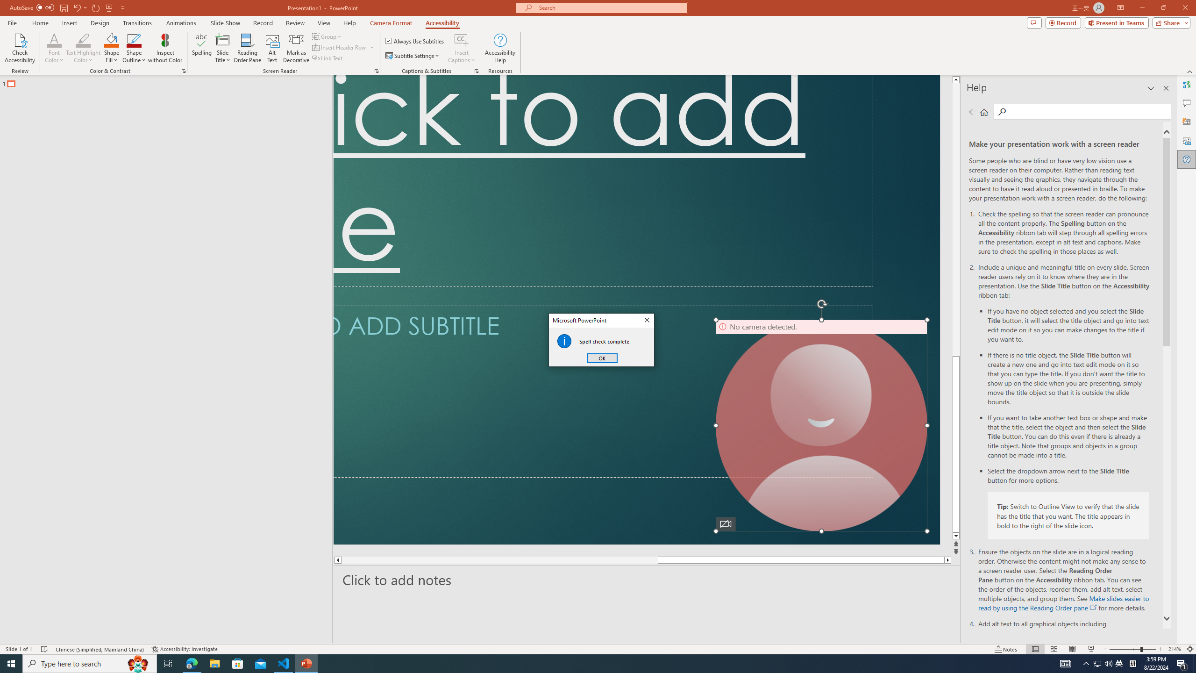 The image size is (1196, 673). Describe the element at coordinates (821, 425) in the screenshot. I see `'Camera 8, No camera detected.'` at that location.